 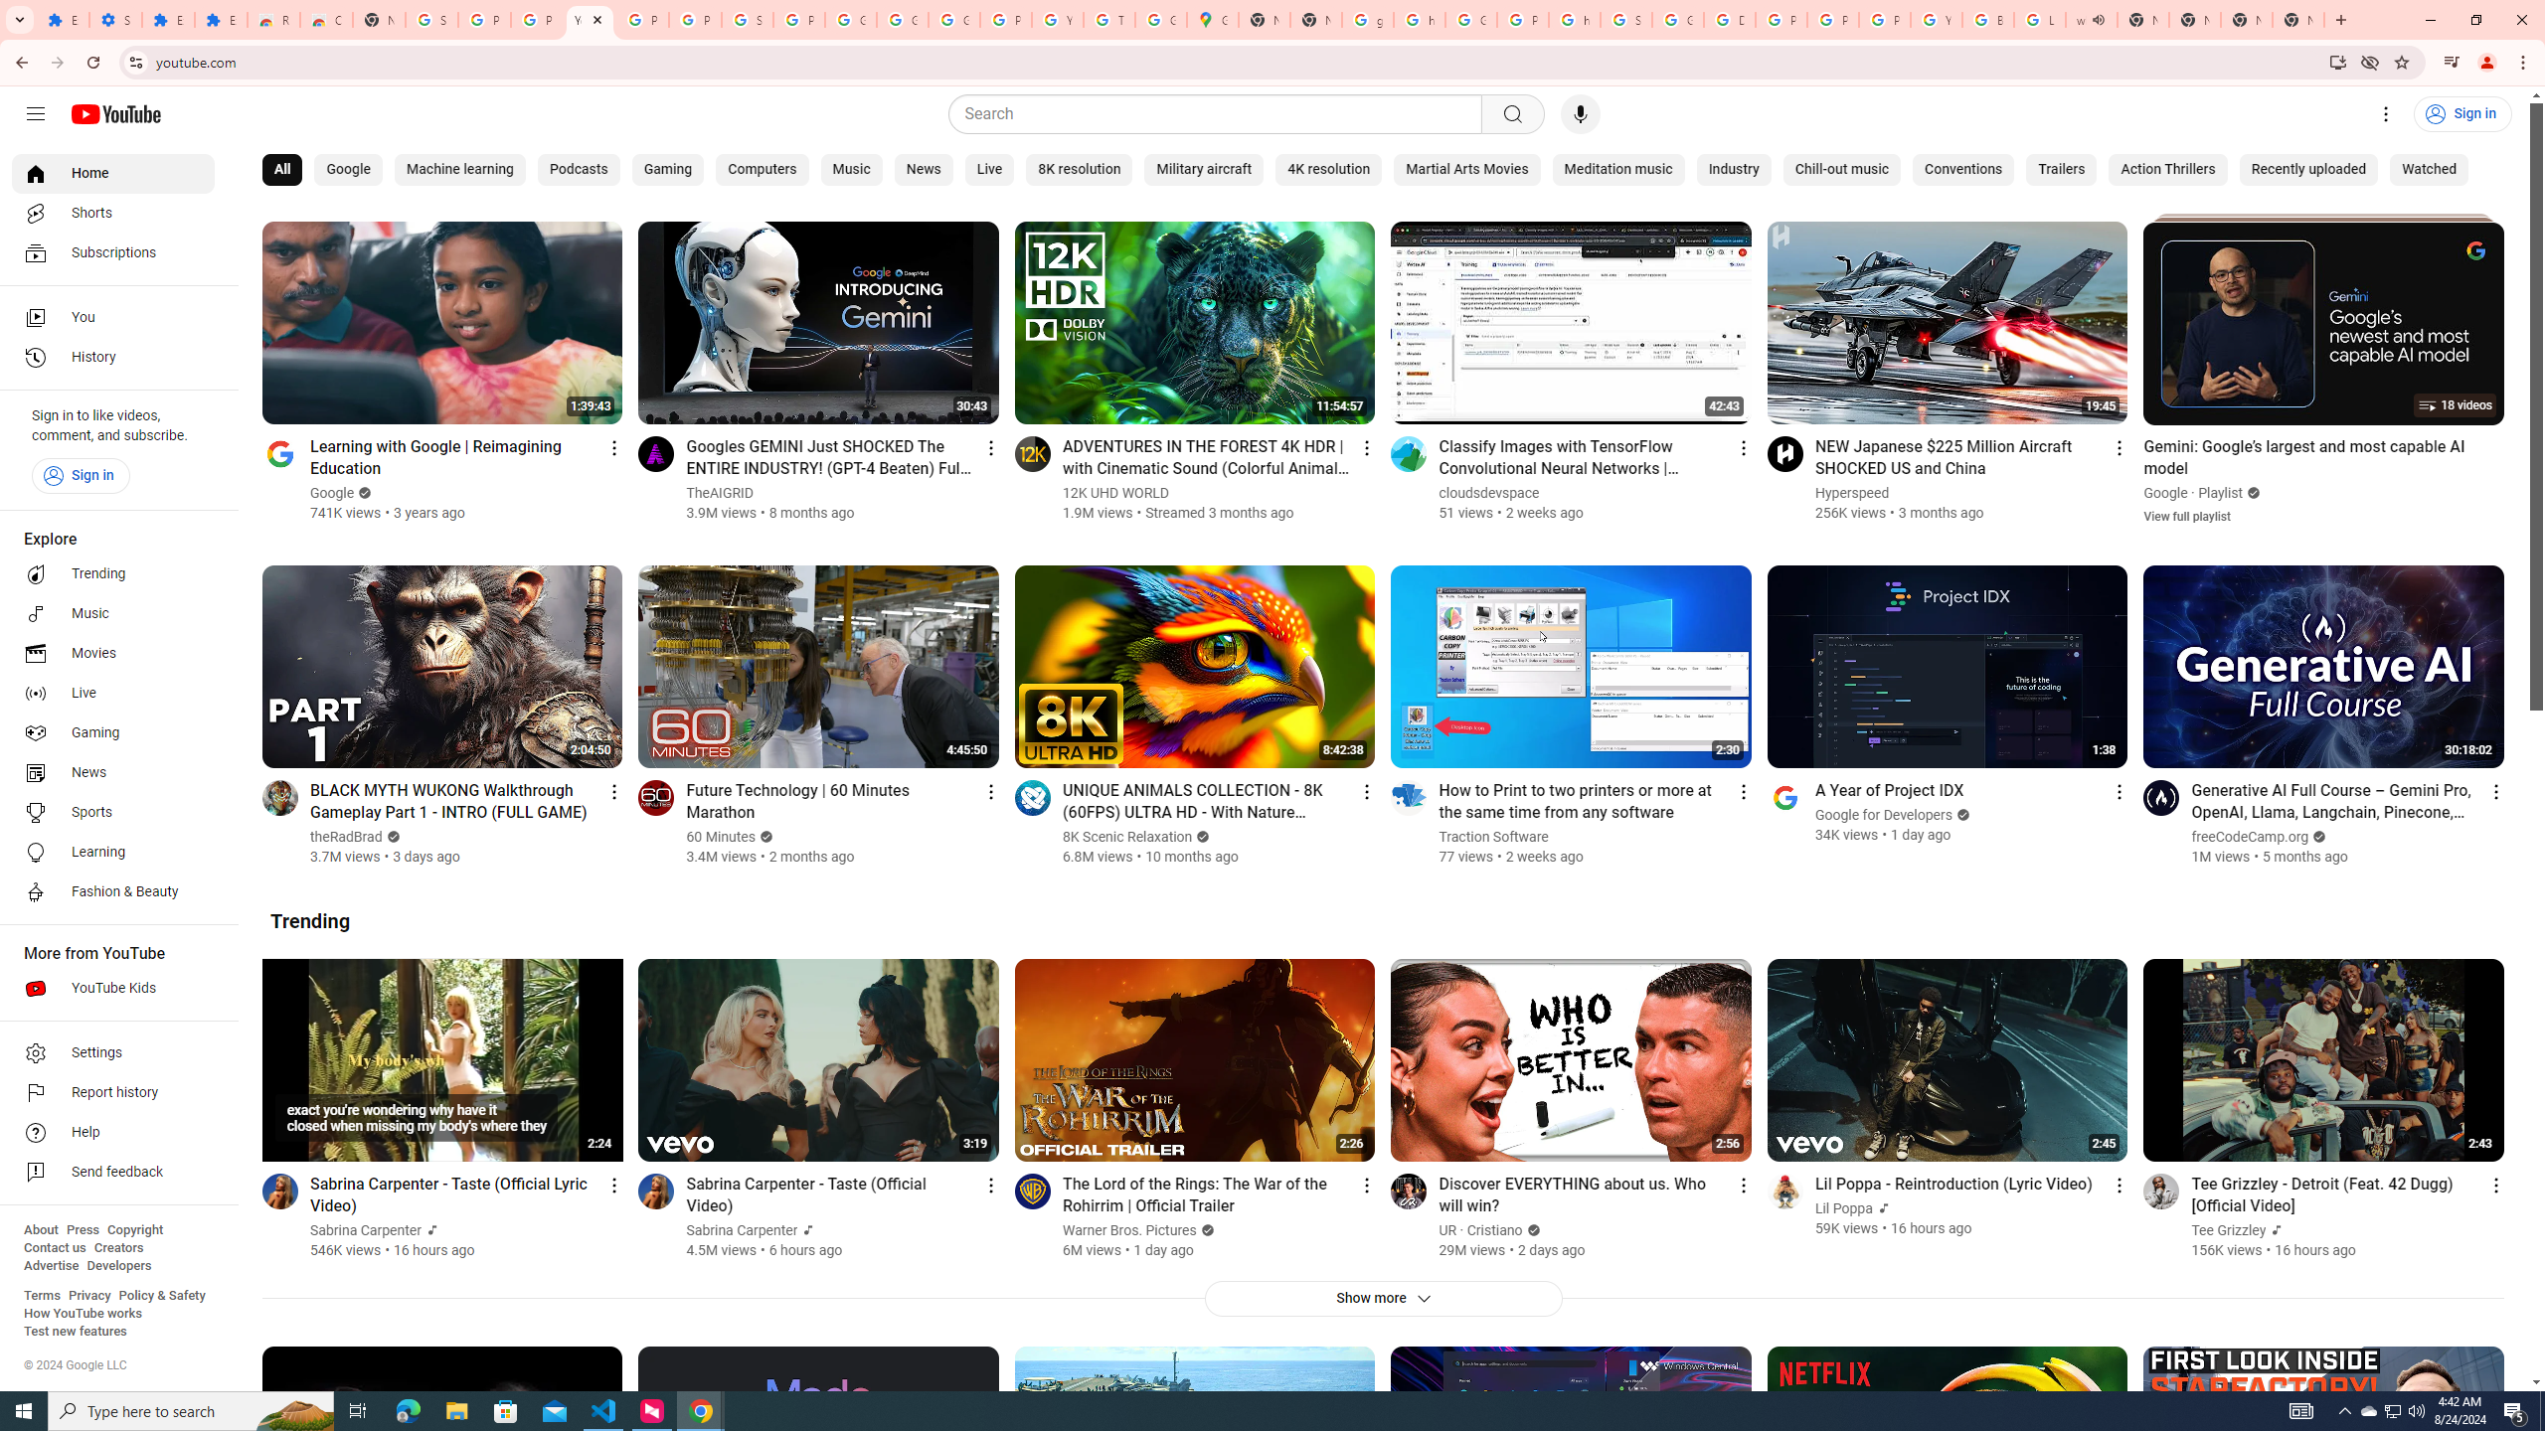 I want to click on 'All', so click(x=282, y=170).